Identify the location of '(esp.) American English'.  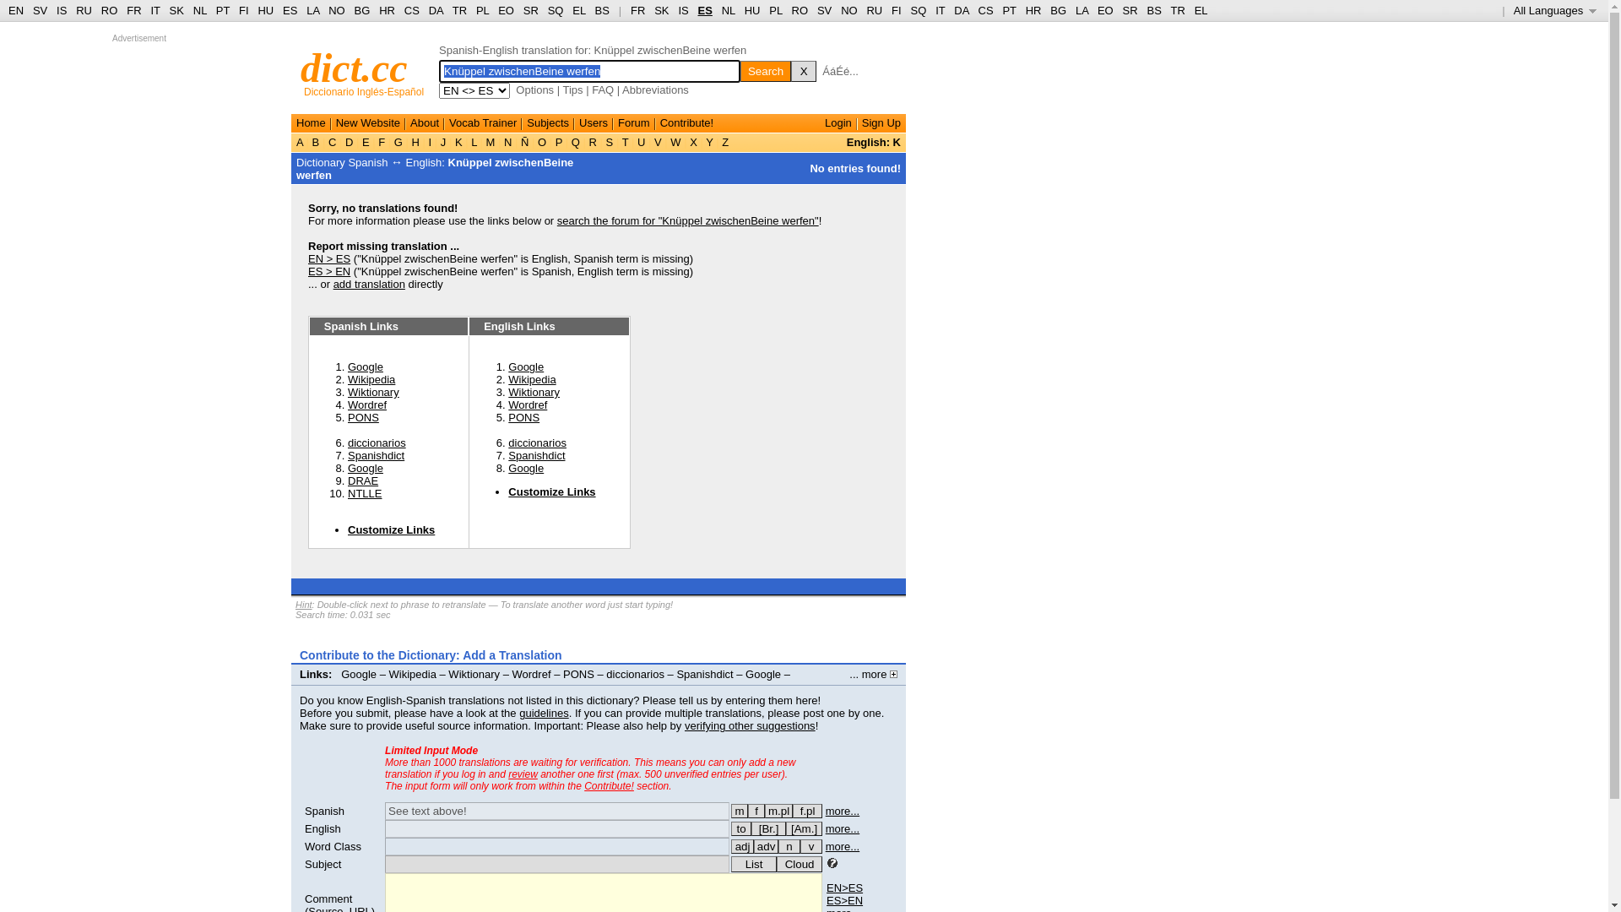
(803, 828).